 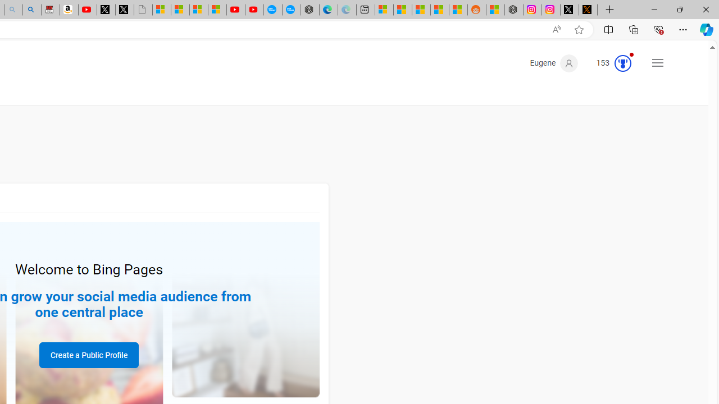 What do you see at coordinates (458, 10) in the screenshot?
I see `'Shanghai, China Weather trends | Microsoft Weather'` at bounding box center [458, 10].